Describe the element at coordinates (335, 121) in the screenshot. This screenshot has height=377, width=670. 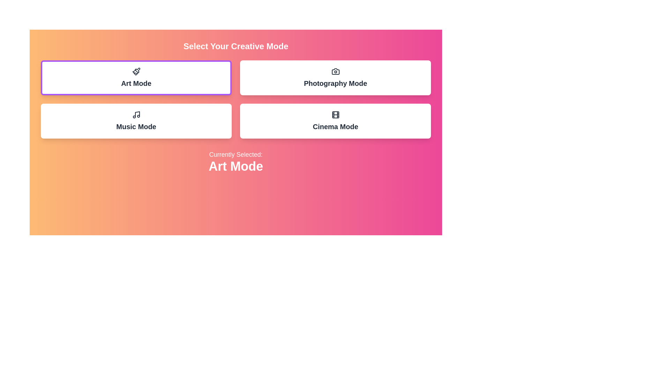
I see `the button corresponding to Cinema Mode to select it` at that location.